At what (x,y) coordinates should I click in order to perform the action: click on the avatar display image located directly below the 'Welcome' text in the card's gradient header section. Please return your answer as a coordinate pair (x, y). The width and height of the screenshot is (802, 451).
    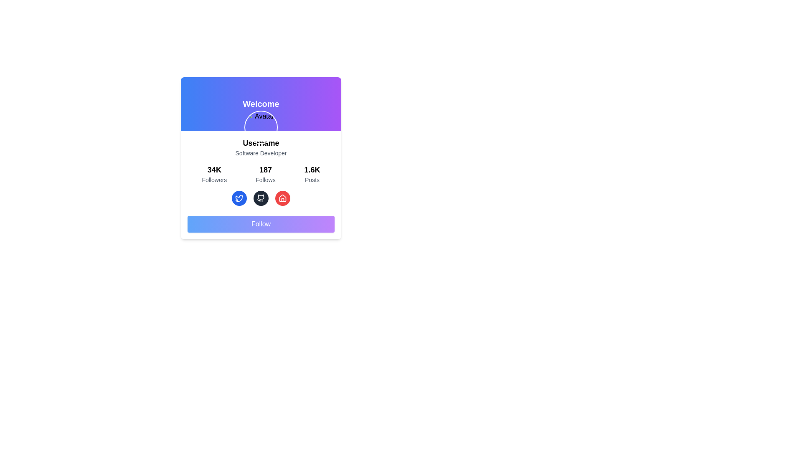
    Looking at the image, I should click on (260, 127).